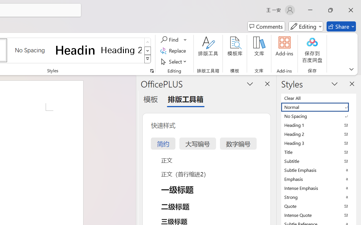 The image size is (361, 225). Describe the element at coordinates (319, 116) in the screenshot. I see `'No Spacing'` at that location.